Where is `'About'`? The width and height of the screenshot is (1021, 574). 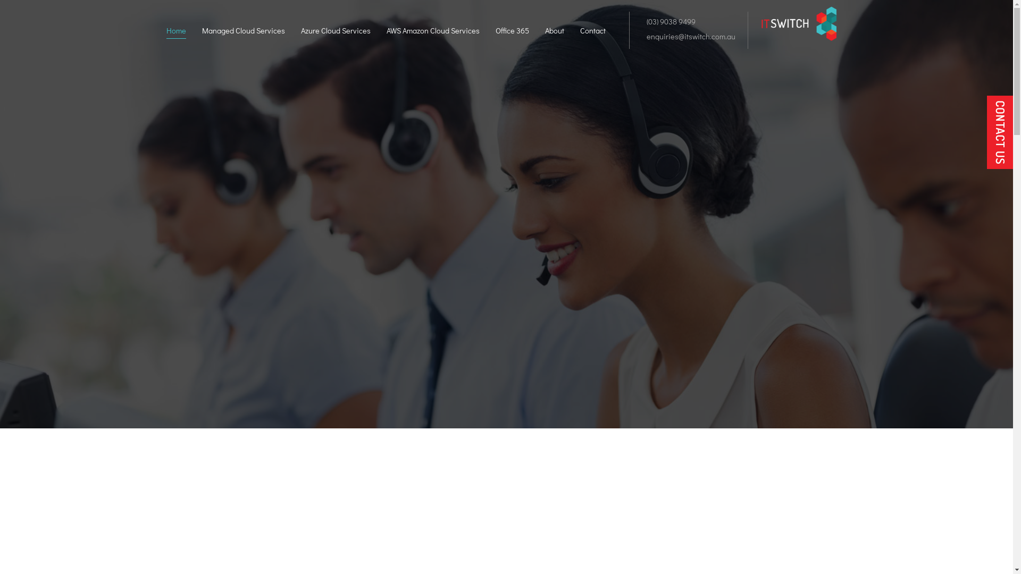
'About' is located at coordinates (553, 31).